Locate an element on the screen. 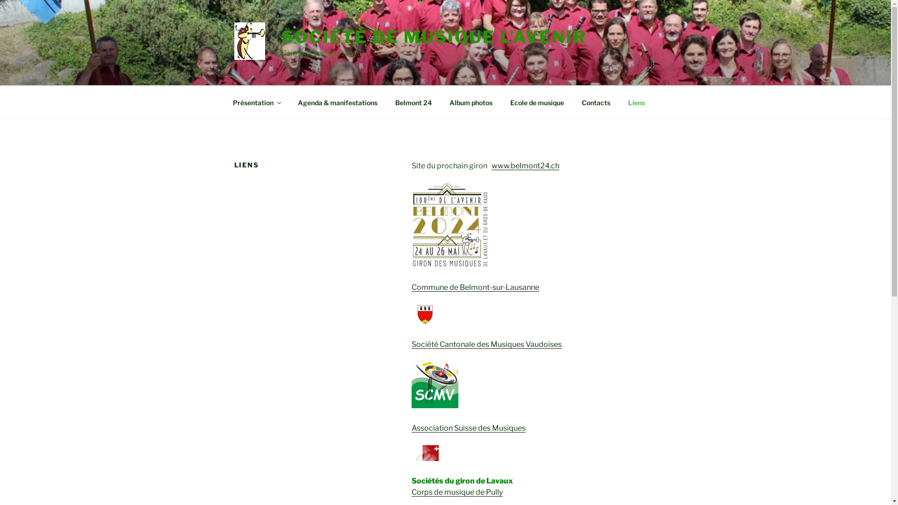  'Commune de Belmont-sur-Lausanne' is located at coordinates (411, 287).